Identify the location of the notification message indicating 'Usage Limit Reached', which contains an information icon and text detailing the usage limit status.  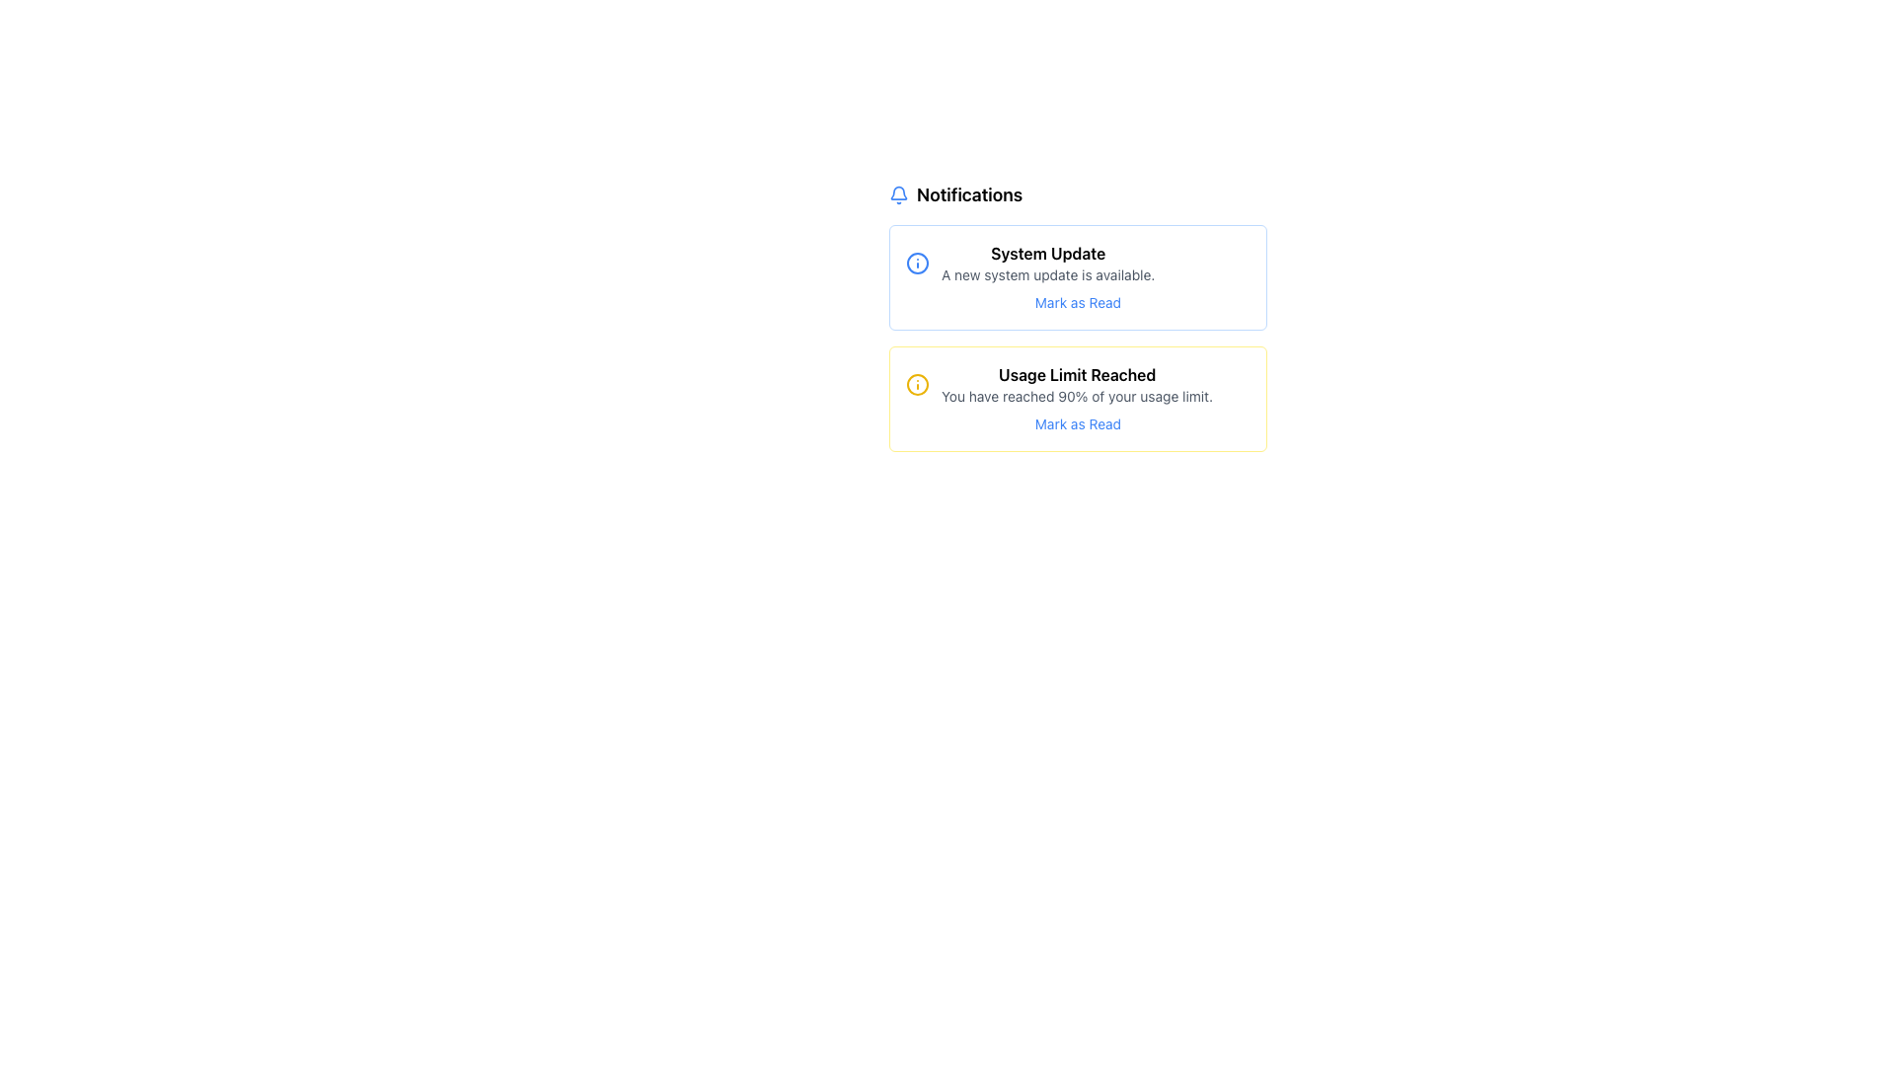
(1077, 384).